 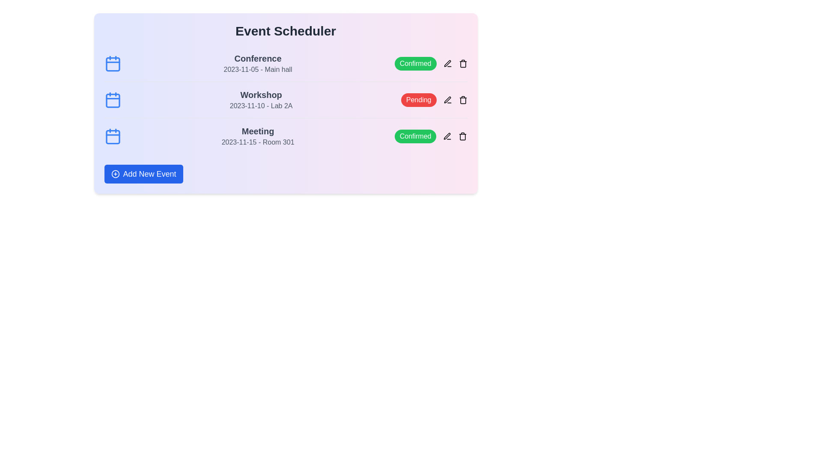 I want to click on the static text label displaying detailed schedule information for the 'Workshop' event, which is positioned directly below the 'Workshop' title in the event list, so click(x=261, y=105).